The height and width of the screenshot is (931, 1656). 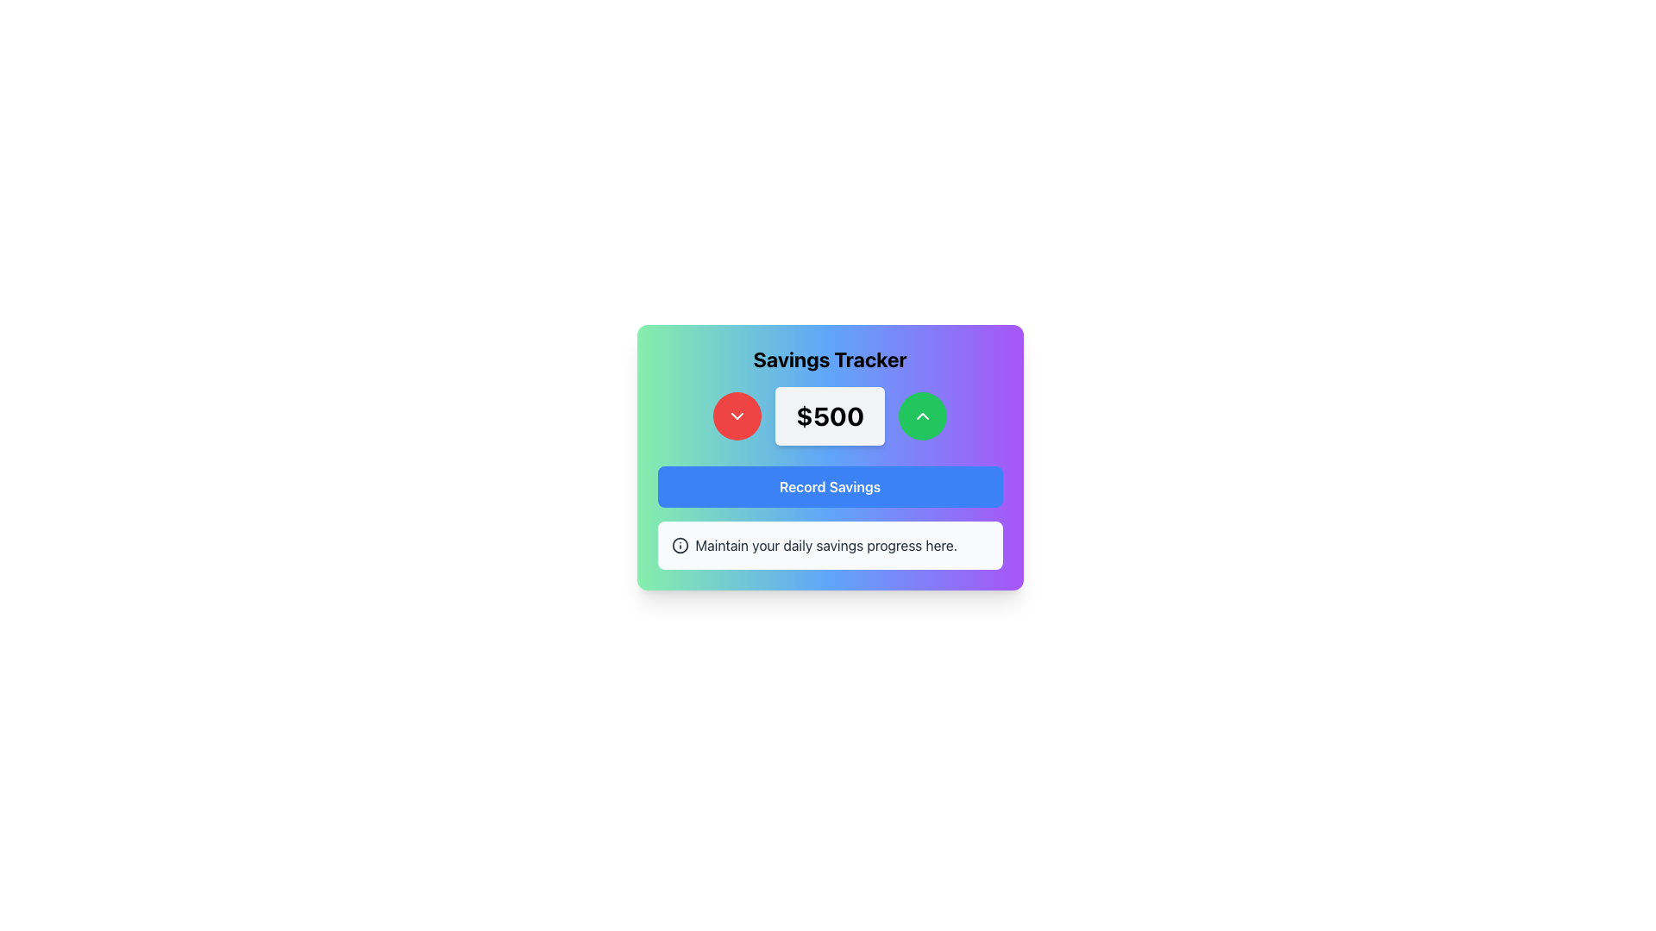 I want to click on the circular red button with a white downward chevron icon located on the left side of the horizontal layout, so click(x=737, y=416).